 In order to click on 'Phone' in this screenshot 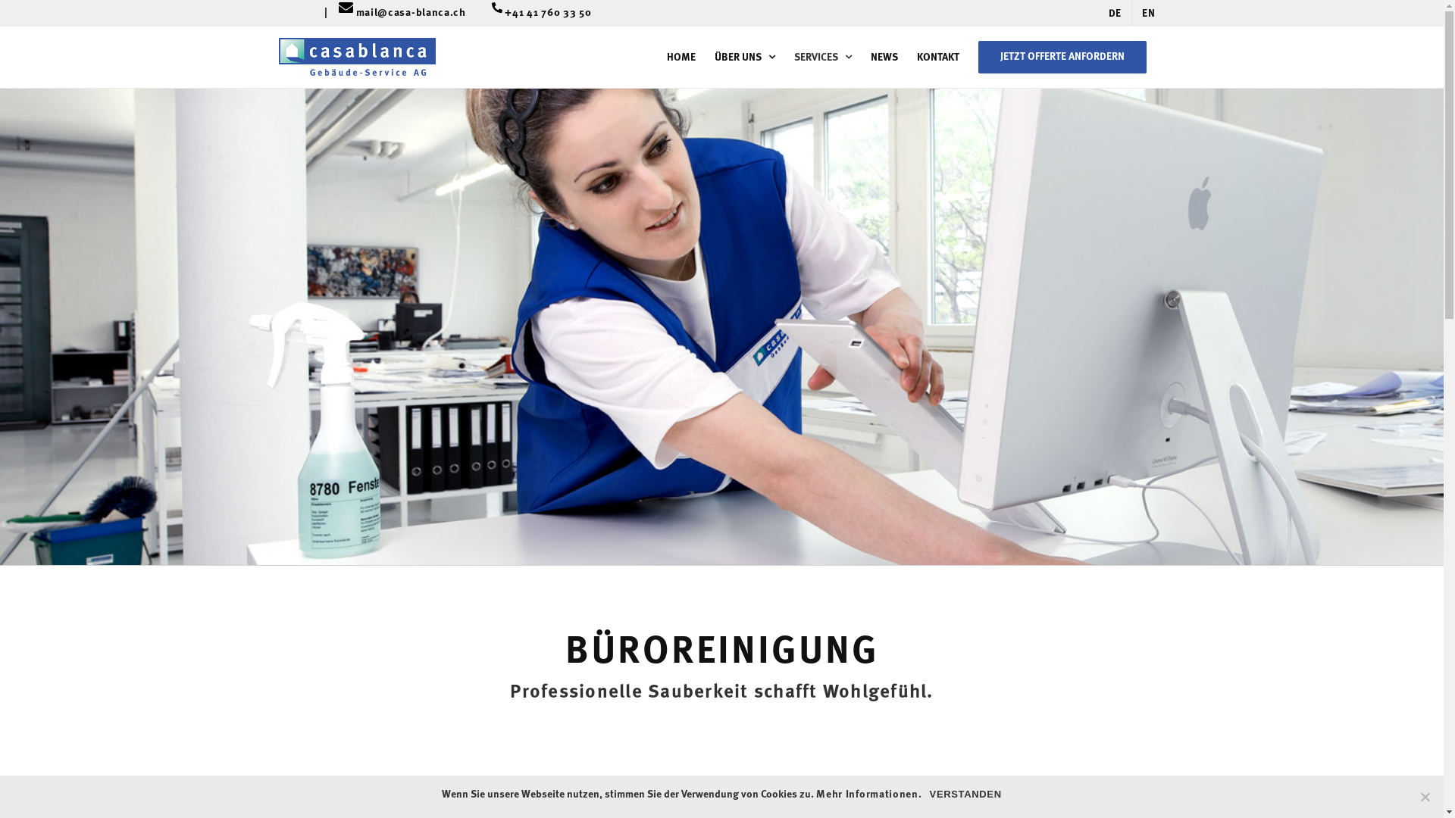, I will do `click(491, 14)`.